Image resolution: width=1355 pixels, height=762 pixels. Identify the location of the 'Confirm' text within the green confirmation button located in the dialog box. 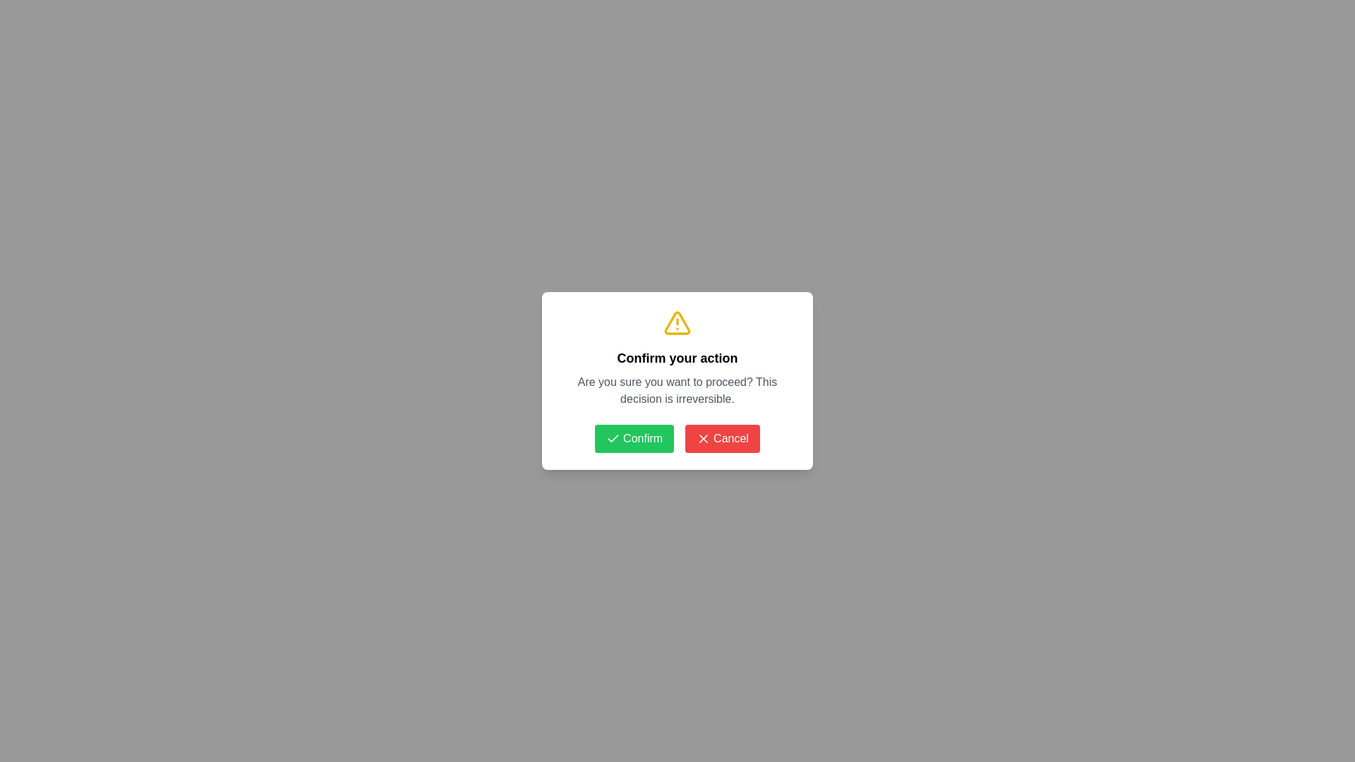
(642, 437).